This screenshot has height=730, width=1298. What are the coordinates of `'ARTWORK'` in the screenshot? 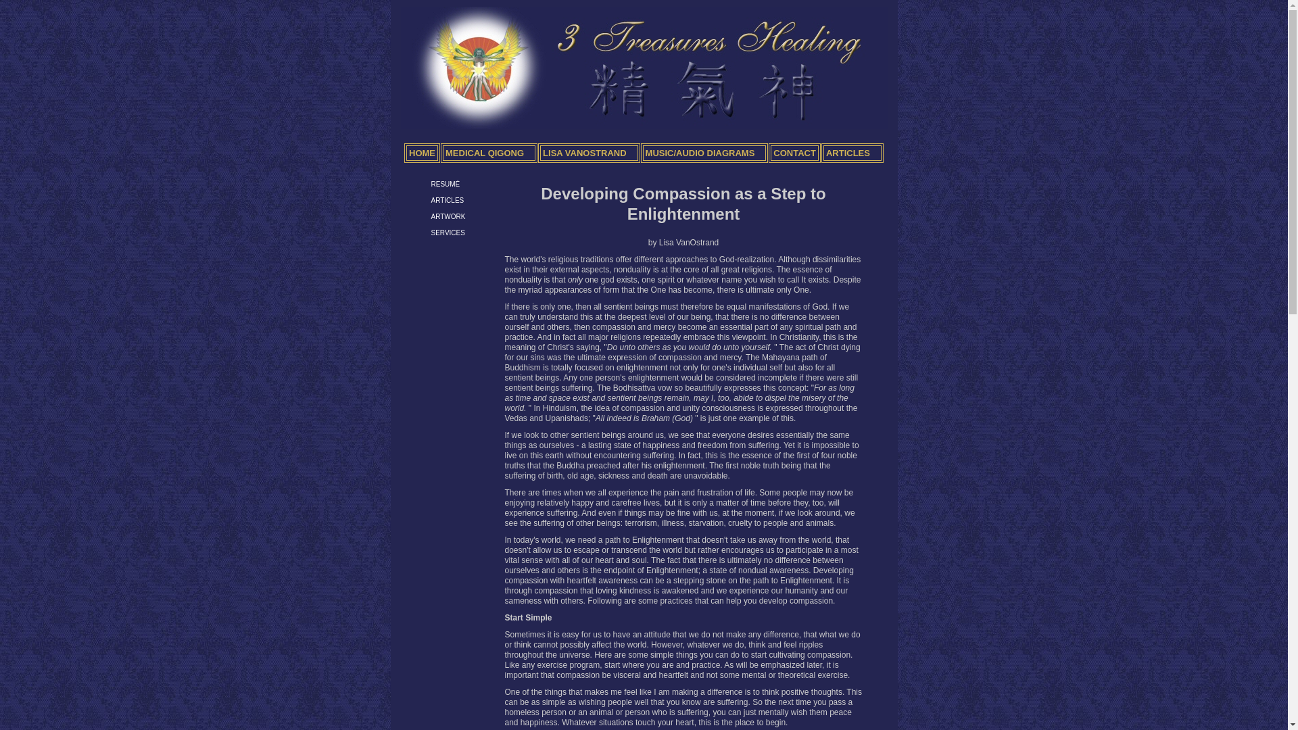 It's located at (431, 216).